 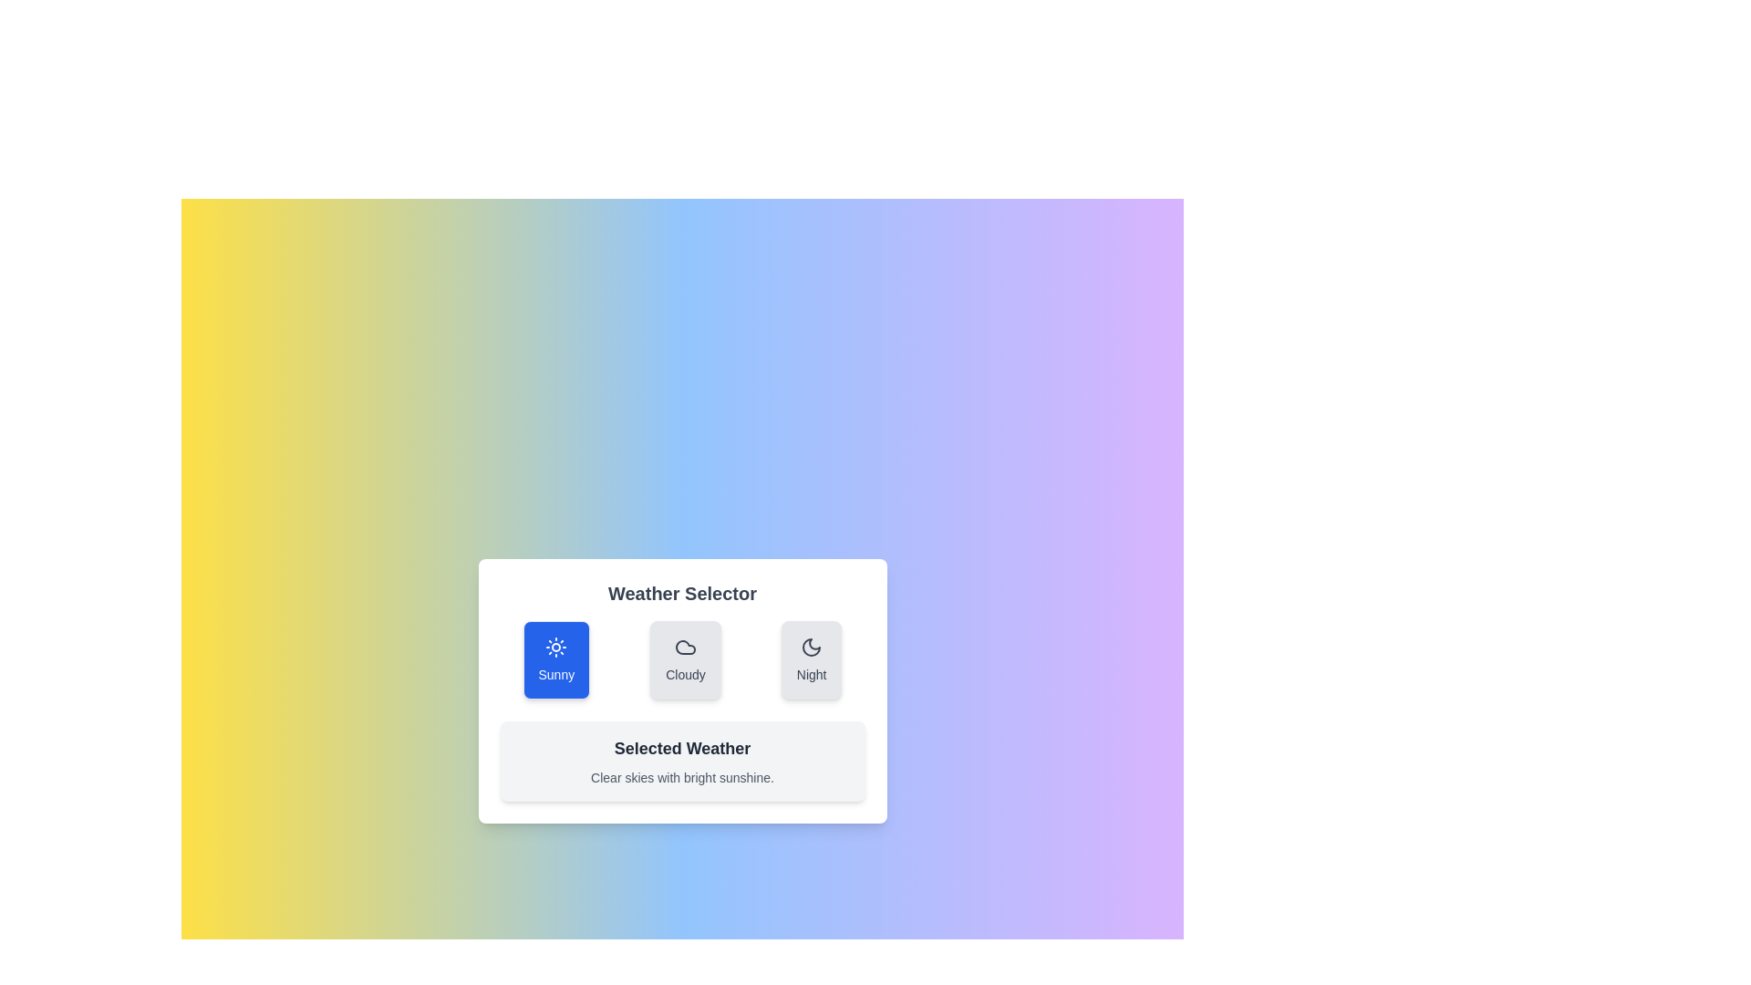 What do you see at coordinates (811, 646) in the screenshot?
I see `the 'Night' SVG Icon in the weather selector interface` at bounding box center [811, 646].